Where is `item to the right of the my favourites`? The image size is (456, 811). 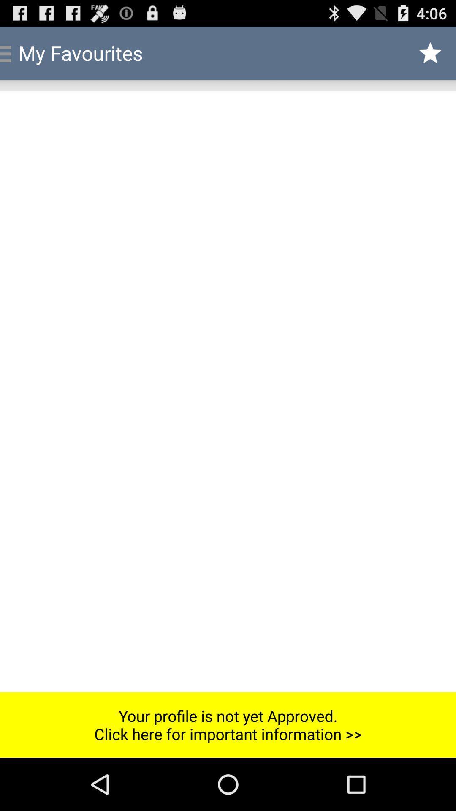
item to the right of the my favourites is located at coordinates (430, 52).